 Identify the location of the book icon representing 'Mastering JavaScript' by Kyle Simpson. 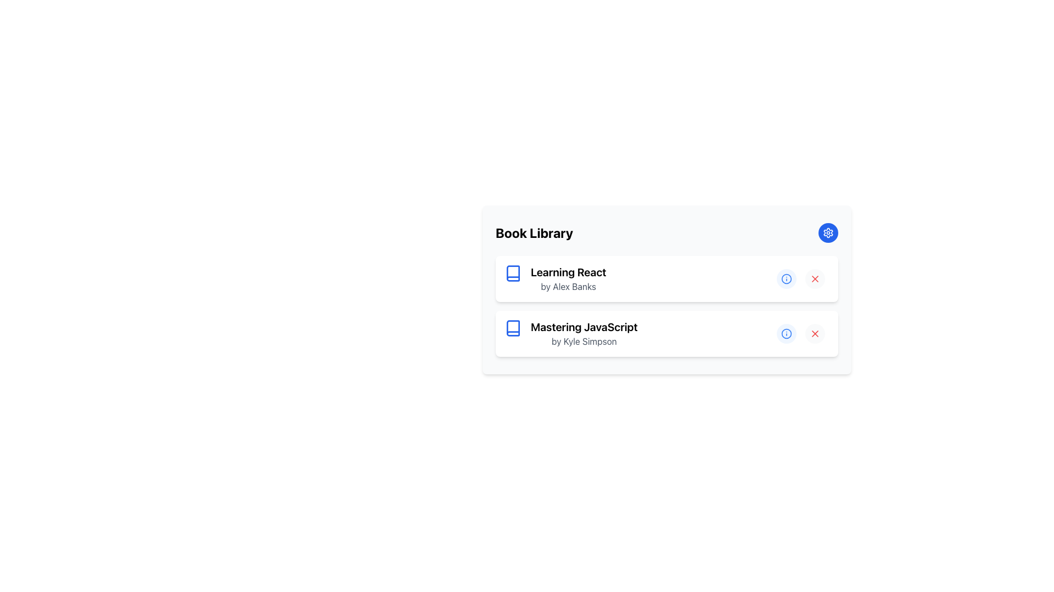
(513, 327).